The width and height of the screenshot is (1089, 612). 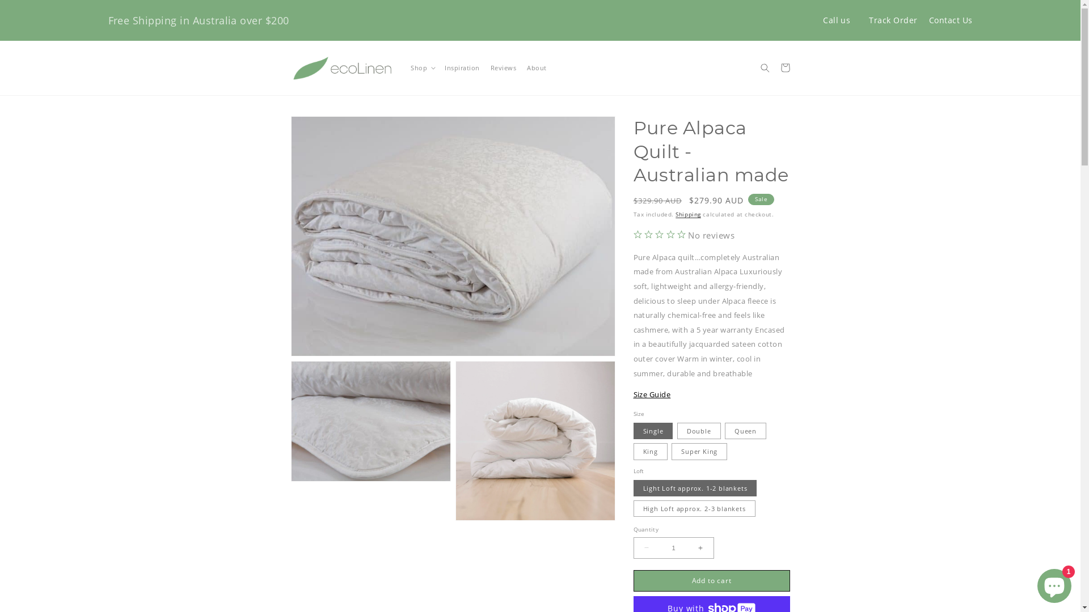 I want to click on 'Reviews', so click(x=484, y=68).